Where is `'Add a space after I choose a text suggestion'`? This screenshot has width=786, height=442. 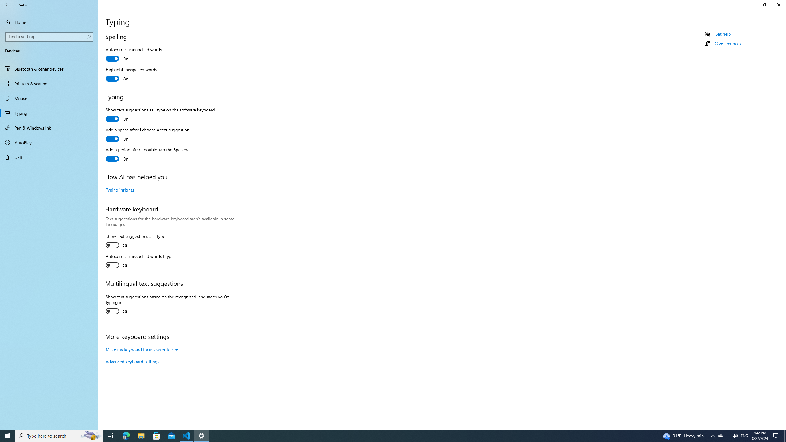
'Add a space after I choose a text suggestion' is located at coordinates (147, 135).